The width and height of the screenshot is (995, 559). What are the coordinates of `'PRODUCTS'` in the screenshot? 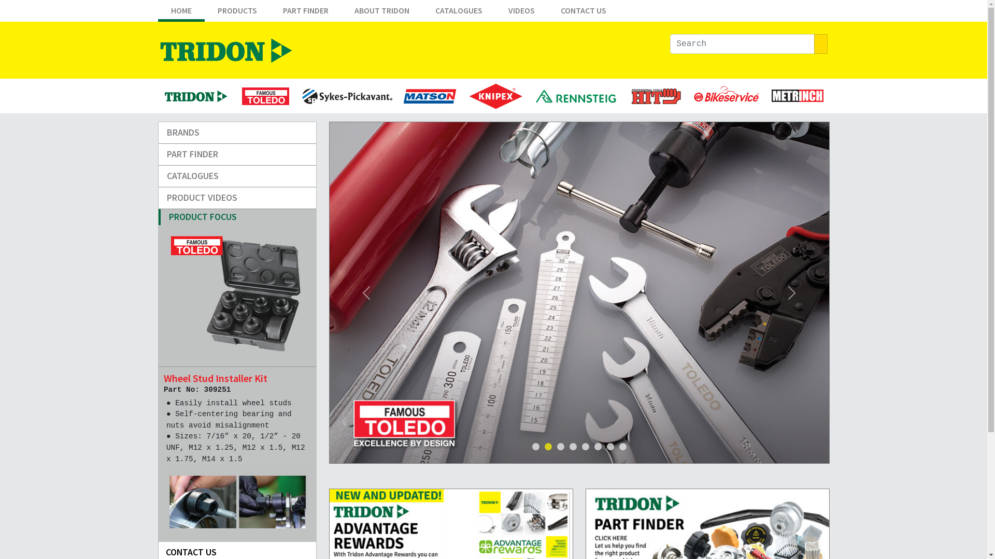 It's located at (236, 12).